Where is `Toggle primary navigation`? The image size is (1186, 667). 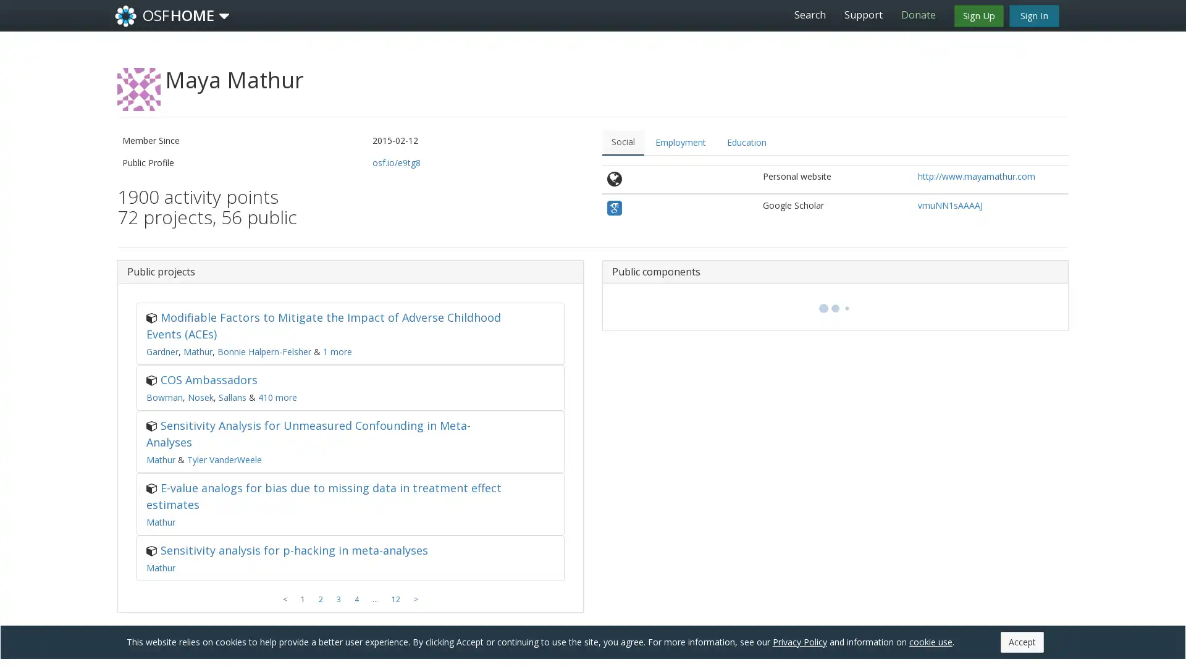
Toggle primary navigation is located at coordinates (224, 16).